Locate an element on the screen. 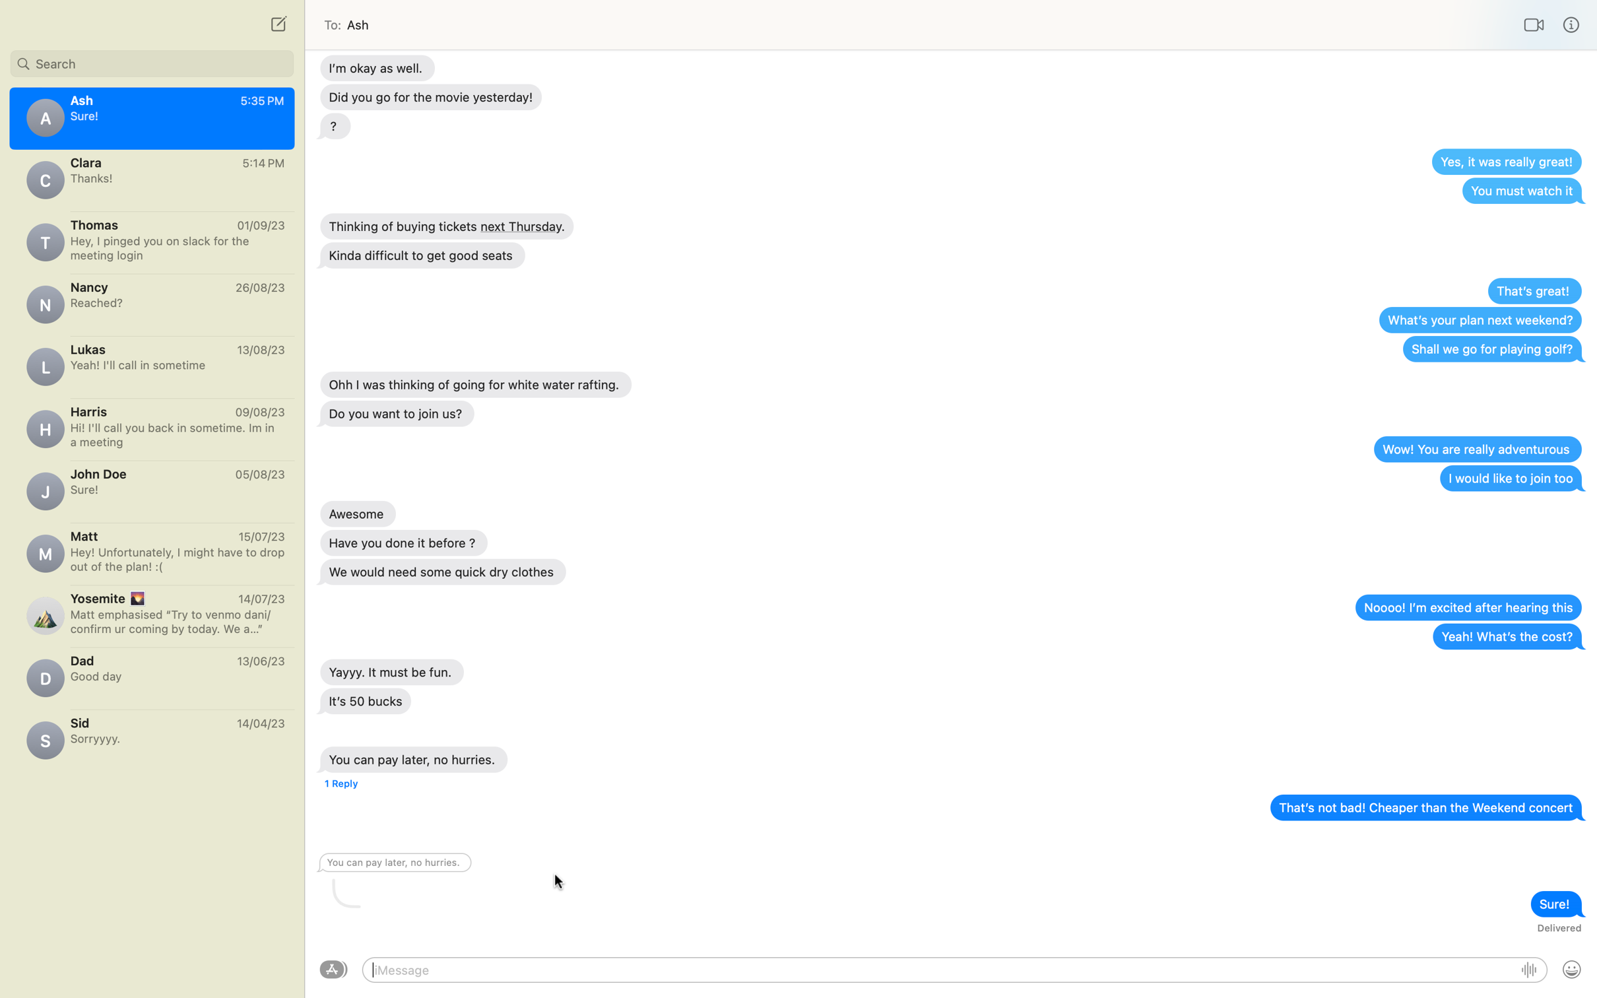 This screenshot has width=1597, height=998. Text message dad saying "Love you is located at coordinates (151, 673).